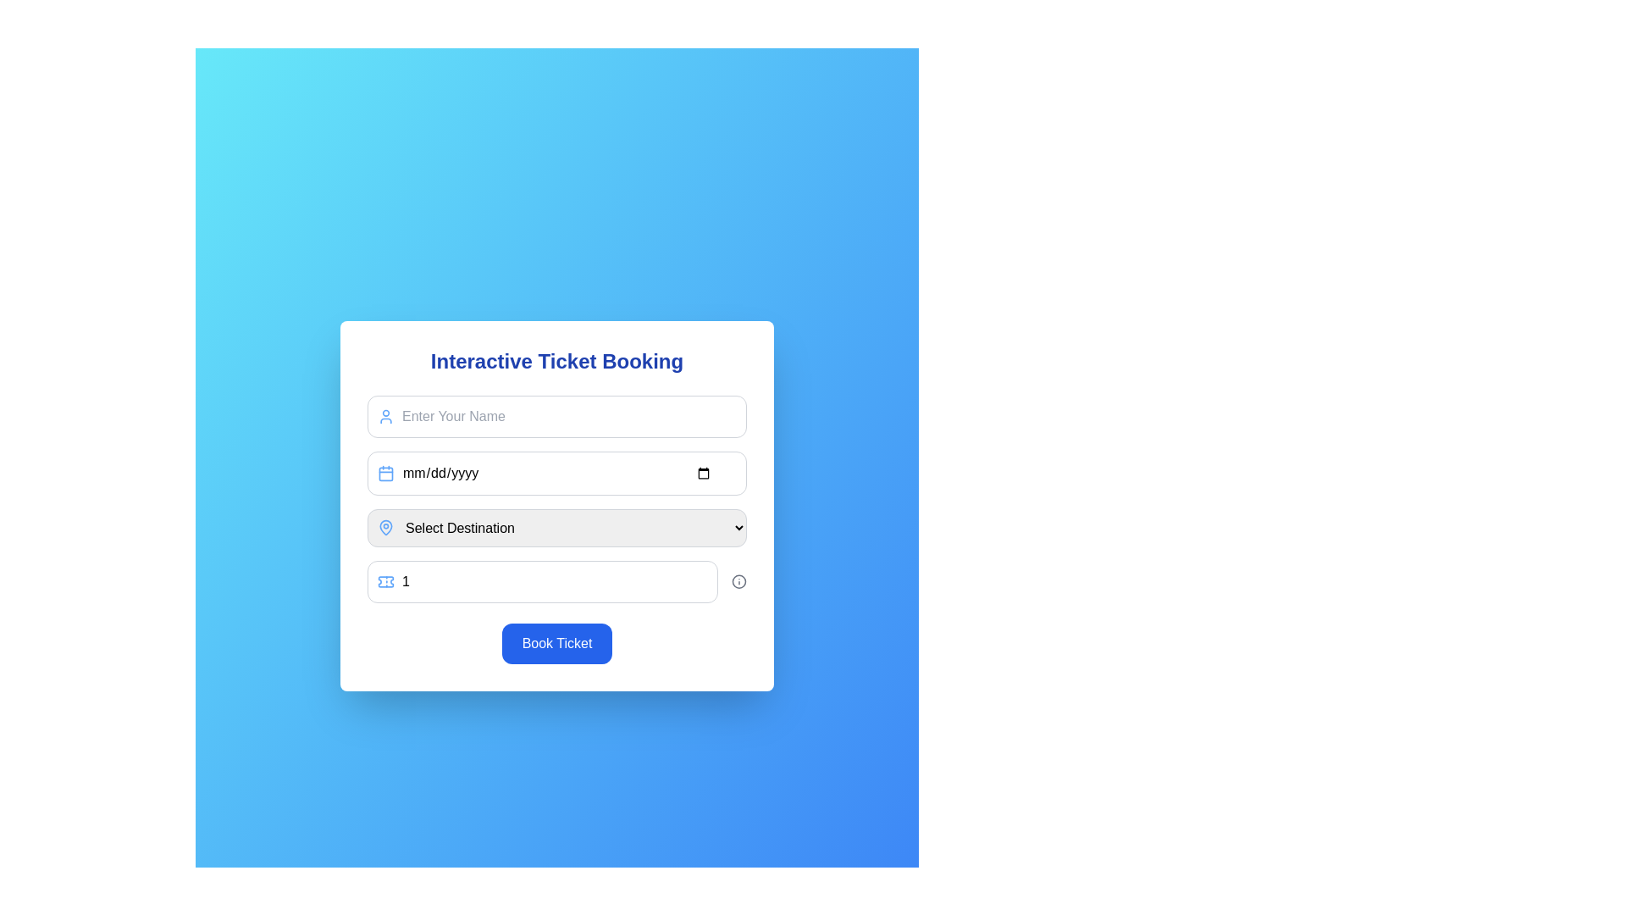 The width and height of the screenshot is (1626, 915). Describe the element at coordinates (738, 580) in the screenshot. I see `the Circular SVG shape which is styled as an SVG element with a radius of 10 units, located next to the number selector field in the ticket booking UI` at that location.